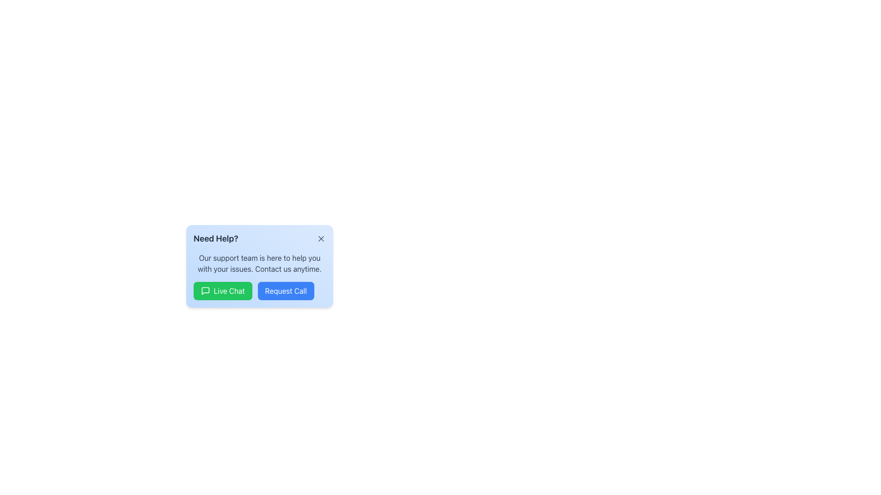 The width and height of the screenshot is (881, 495). I want to click on the textual panel displaying the header 'Need Help?' and the assistance options below it, so click(259, 266).